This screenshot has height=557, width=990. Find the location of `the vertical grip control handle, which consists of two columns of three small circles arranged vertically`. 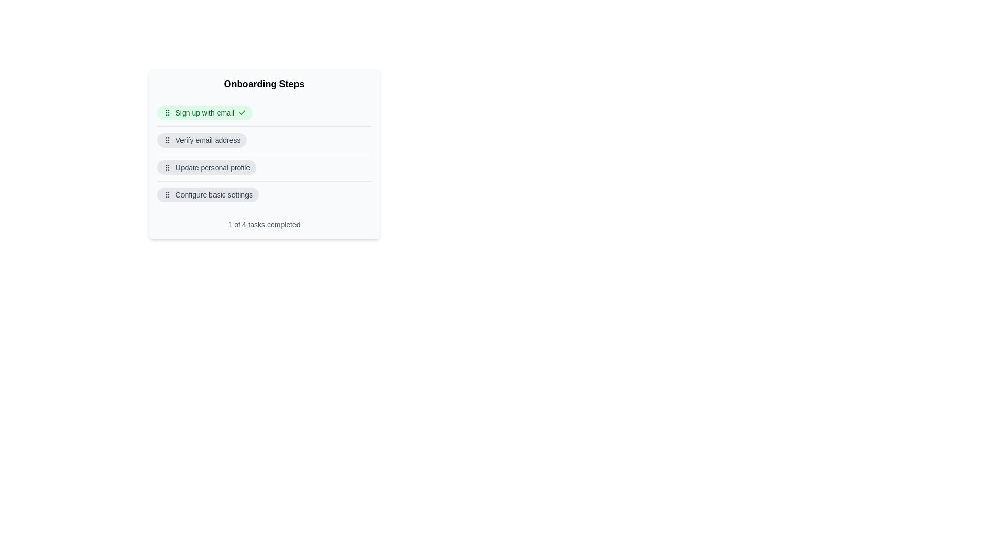

the vertical grip control handle, which consists of two columns of three small circles arranged vertically is located at coordinates (167, 140).